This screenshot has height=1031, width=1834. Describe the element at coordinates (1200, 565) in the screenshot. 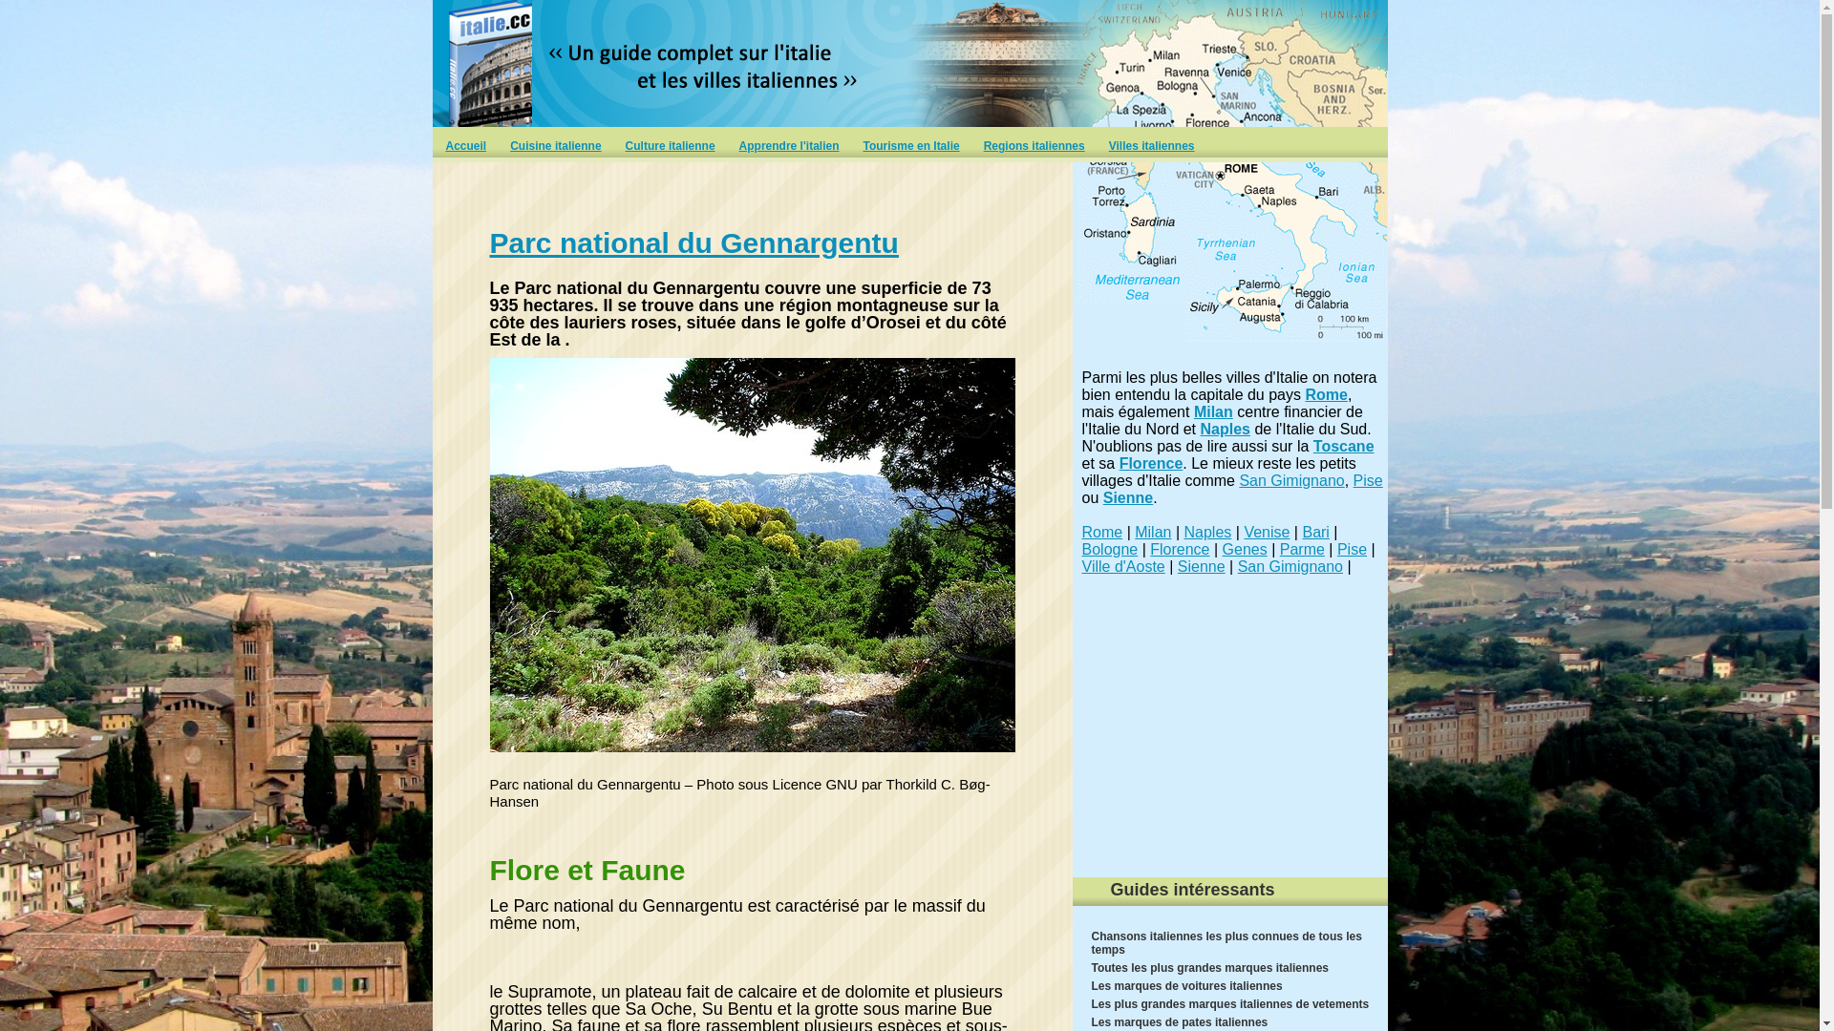

I see `'Sienne'` at that location.